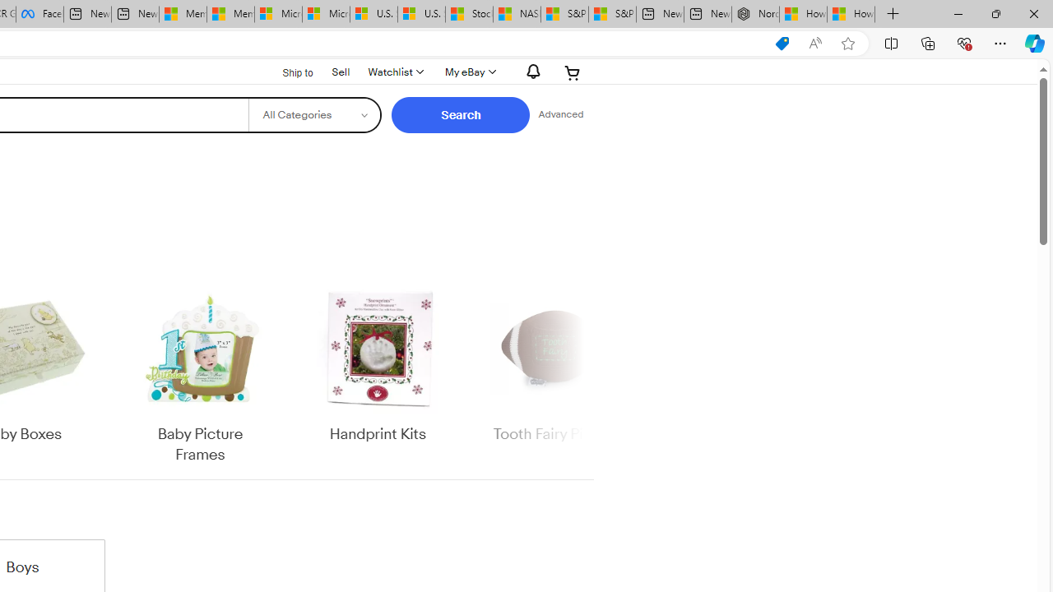 This screenshot has height=592, width=1053. I want to click on 'Browser essentials', so click(963, 42).